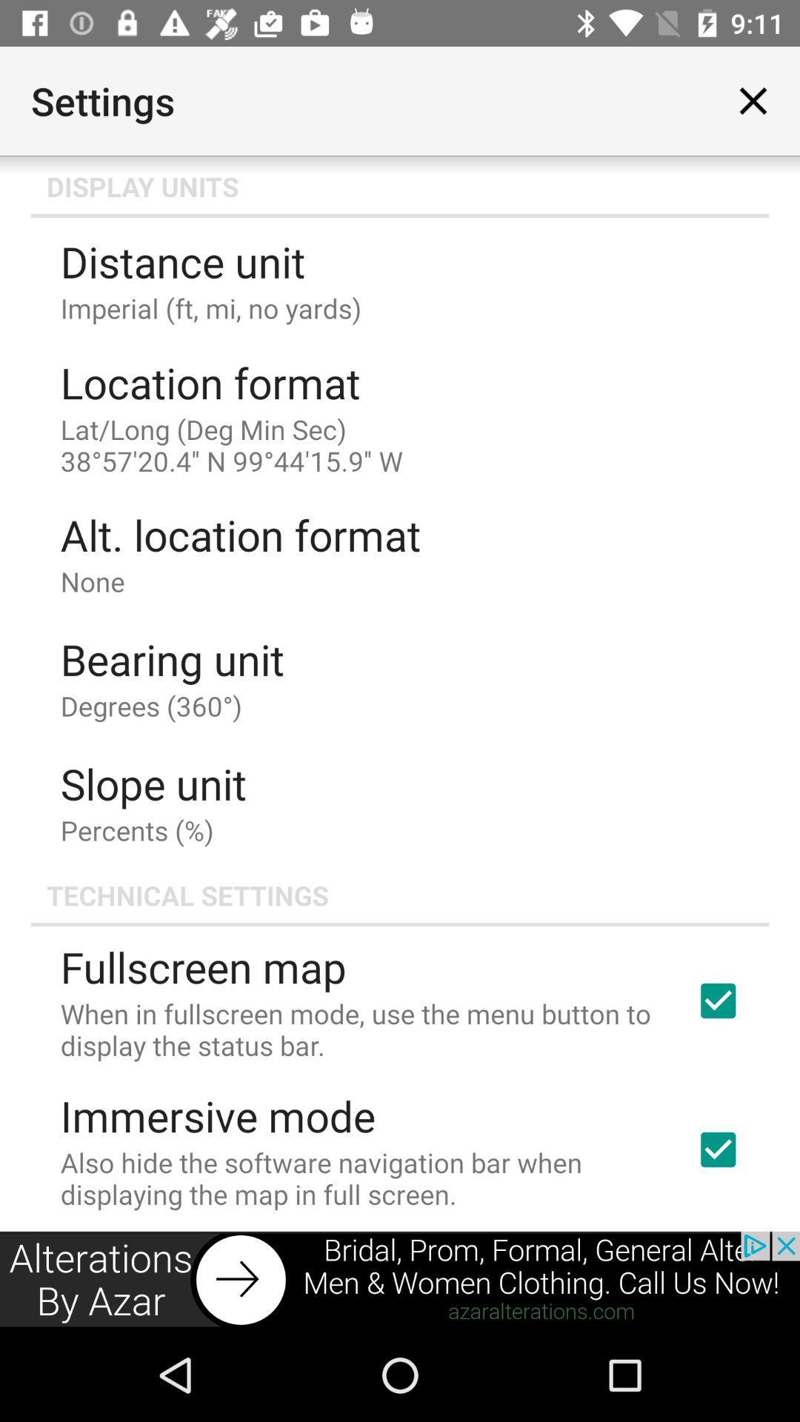 This screenshot has height=1422, width=800. What do you see at coordinates (400, 1279) in the screenshot?
I see `advertisement page` at bounding box center [400, 1279].